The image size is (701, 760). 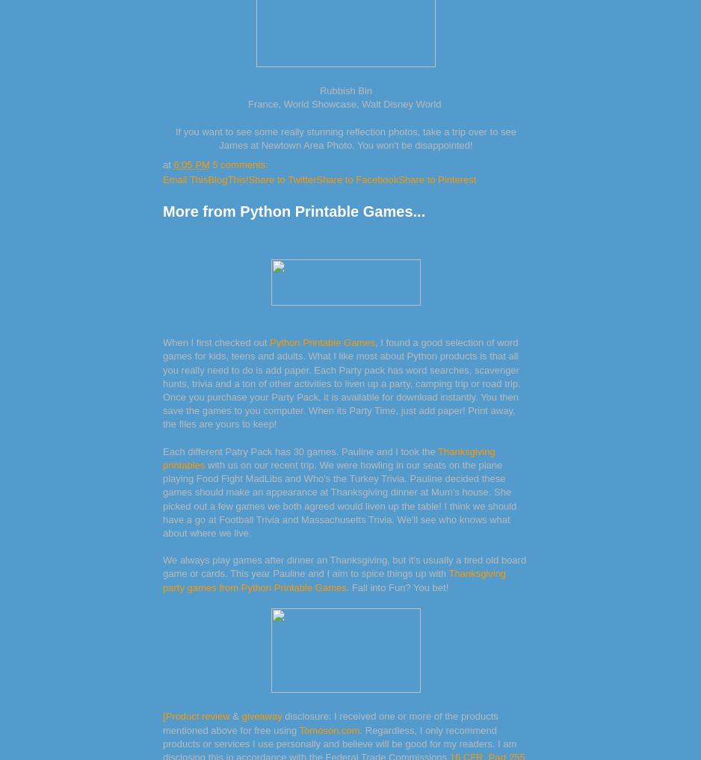 What do you see at coordinates (247, 103) in the screenshot?
I see `'France, World Showcase, Walt Disney World'` at bounding box center [247, 103].